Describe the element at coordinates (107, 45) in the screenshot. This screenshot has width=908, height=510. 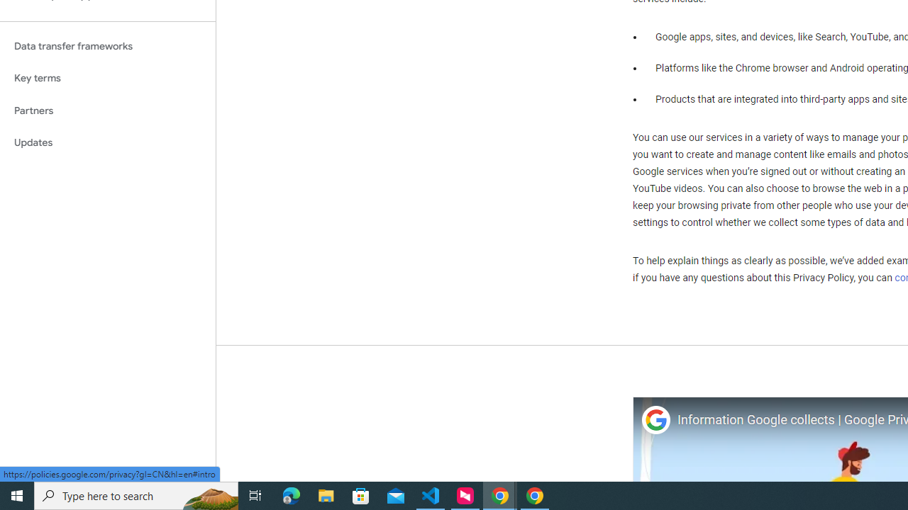
I see `'Data transfer frameworks'` at that location.